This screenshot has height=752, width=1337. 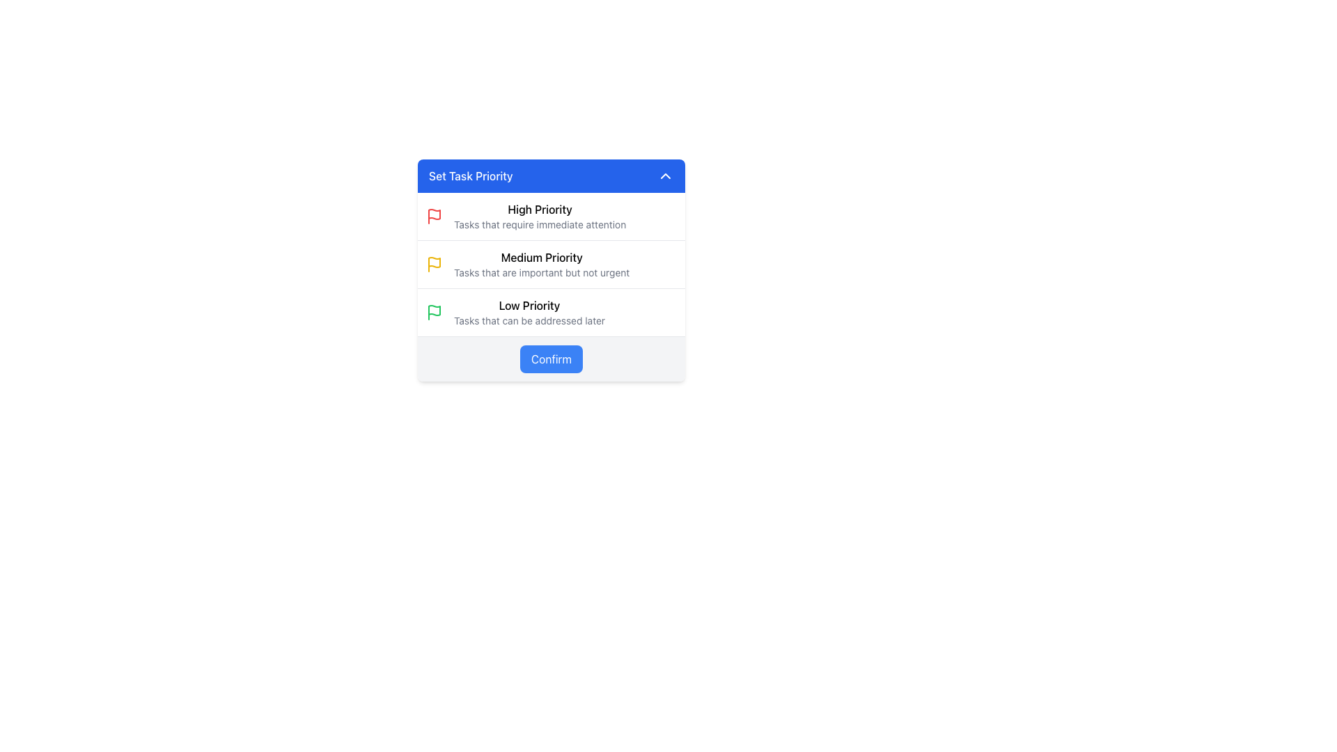 I want to click on the text label displaying 'Tasks that require immediate attention.' positioned below the 'High Priority' label in the priority selection dialog, so click(x=539, y=224).